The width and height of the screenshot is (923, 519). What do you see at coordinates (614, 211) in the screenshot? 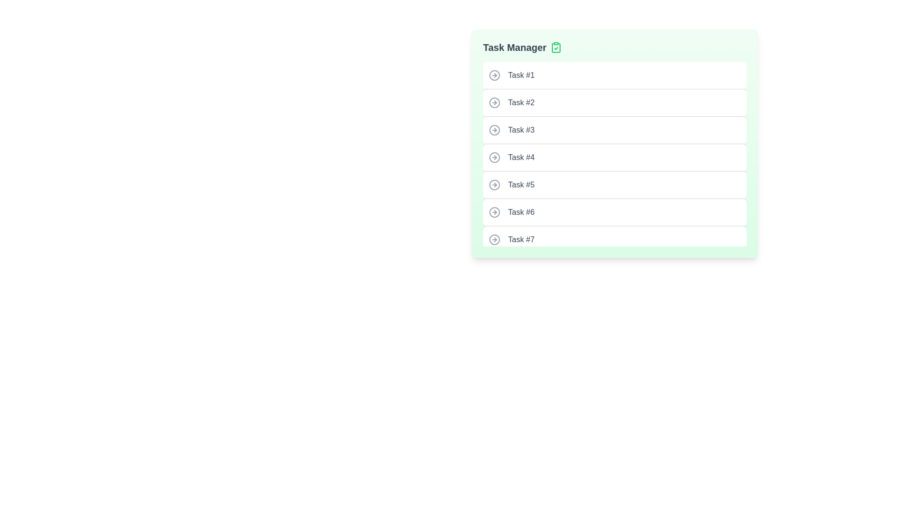
I see `the task labeled Task #6` at bounding box center [614, 211].